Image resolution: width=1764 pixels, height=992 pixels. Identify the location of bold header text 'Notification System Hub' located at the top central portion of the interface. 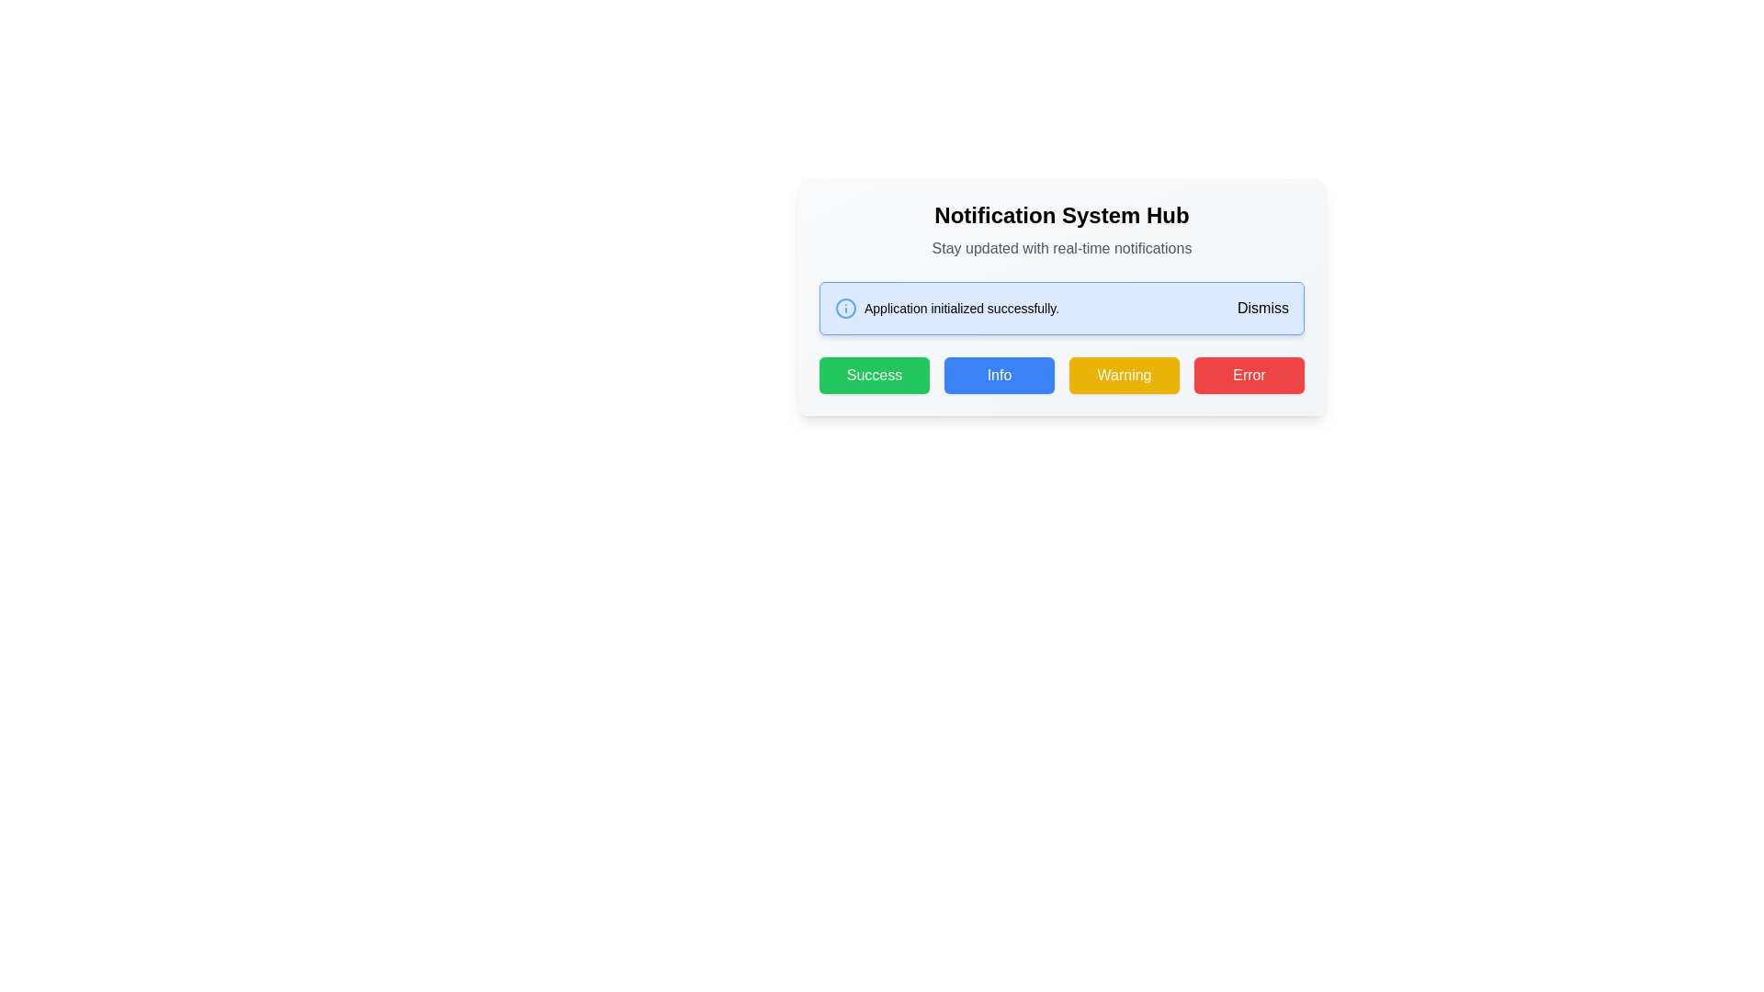
(1062, 215).